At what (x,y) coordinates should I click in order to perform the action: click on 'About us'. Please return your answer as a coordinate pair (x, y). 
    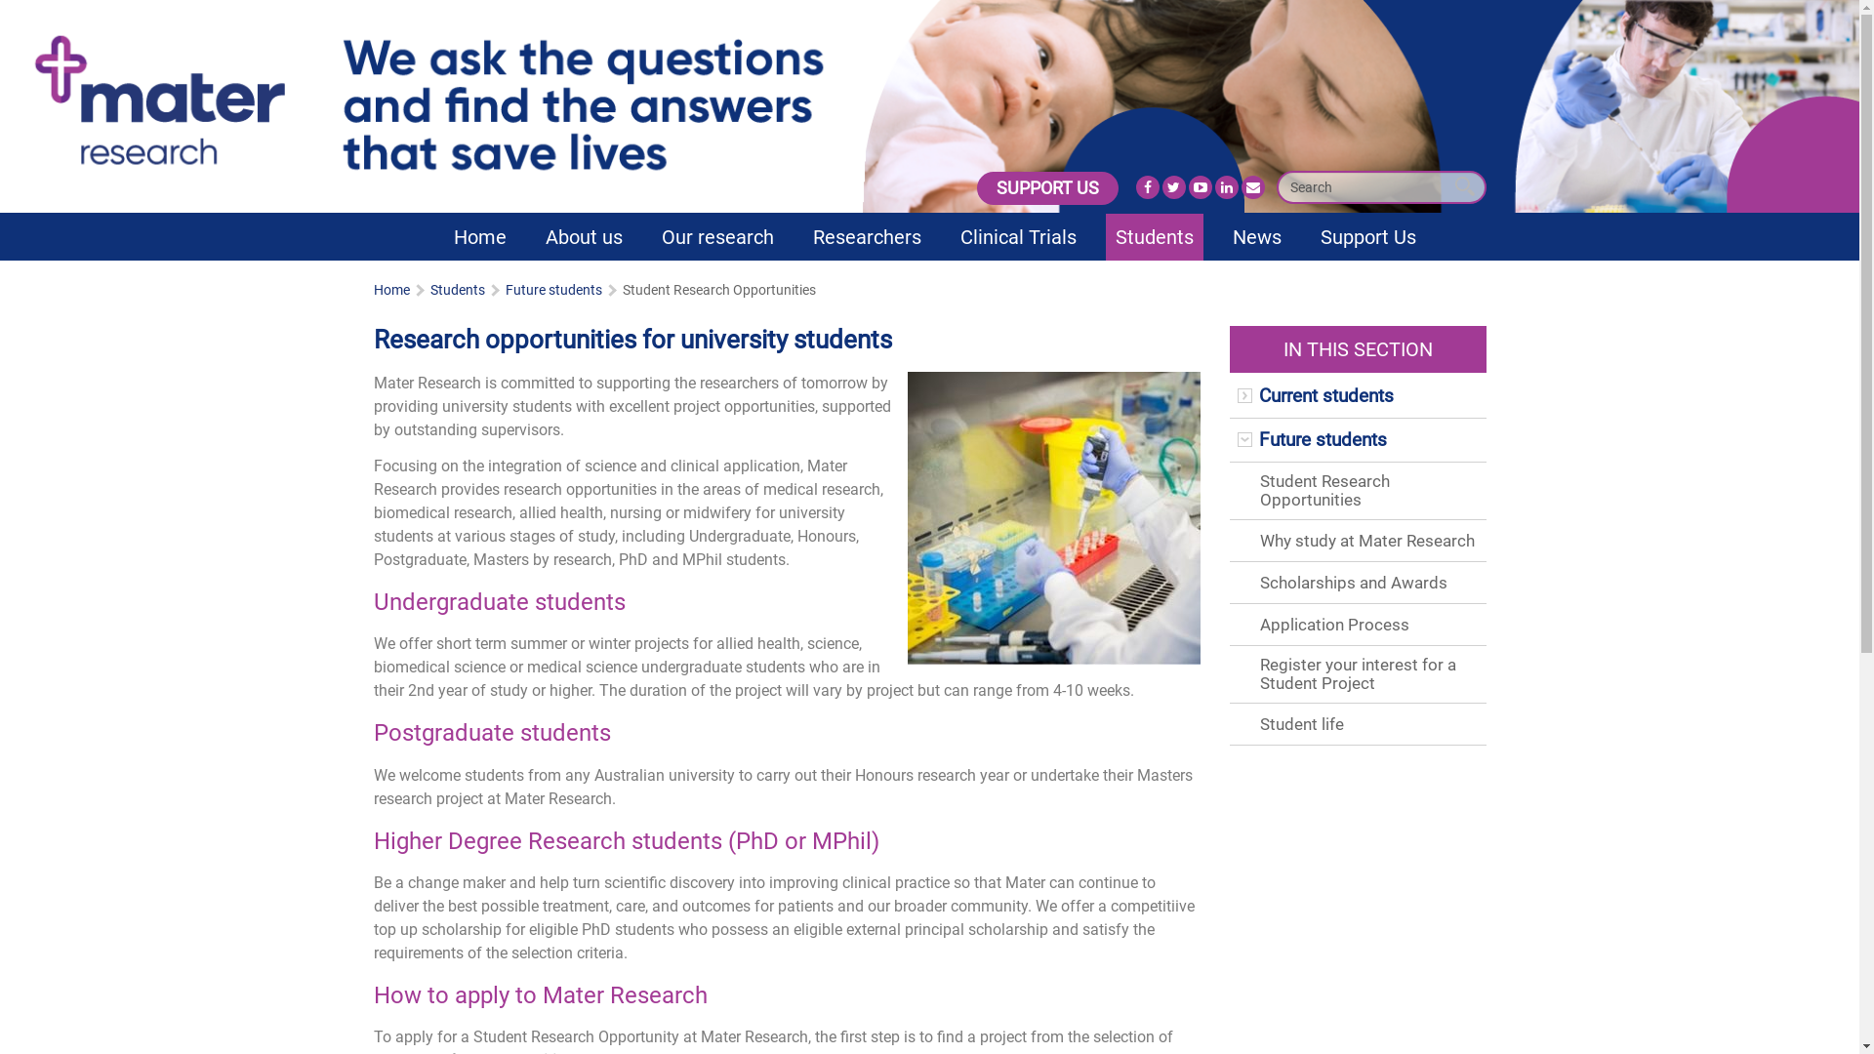
    Looking at the image, I should click on (582, 236).